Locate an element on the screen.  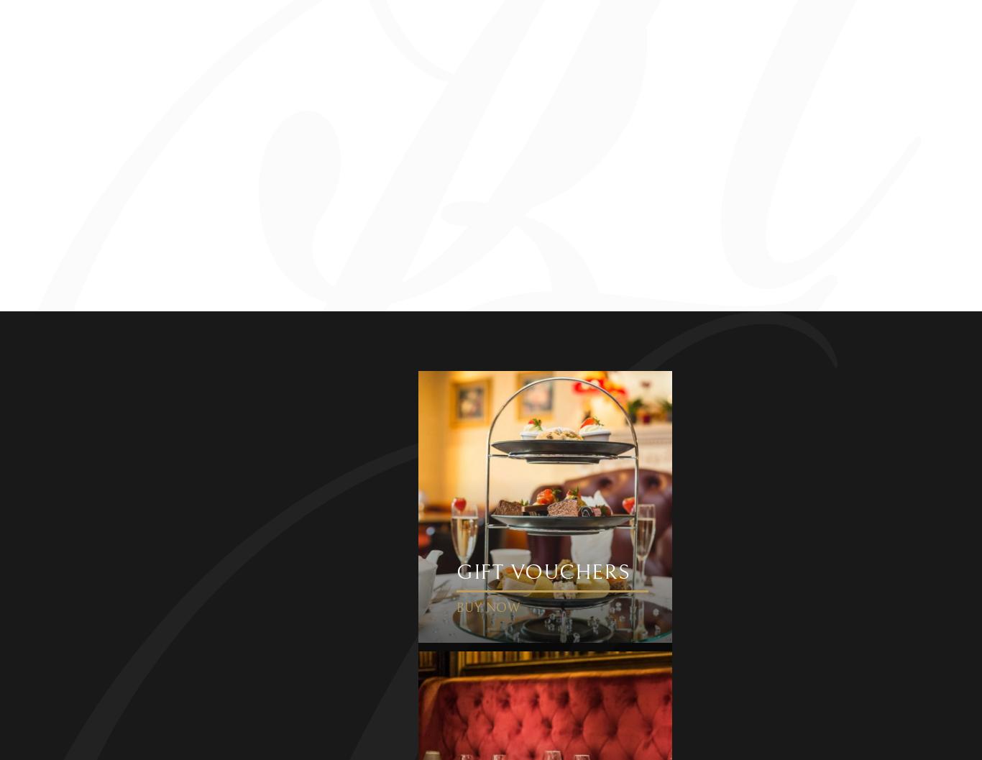
'Bars' is located at coordinates (203, 656).